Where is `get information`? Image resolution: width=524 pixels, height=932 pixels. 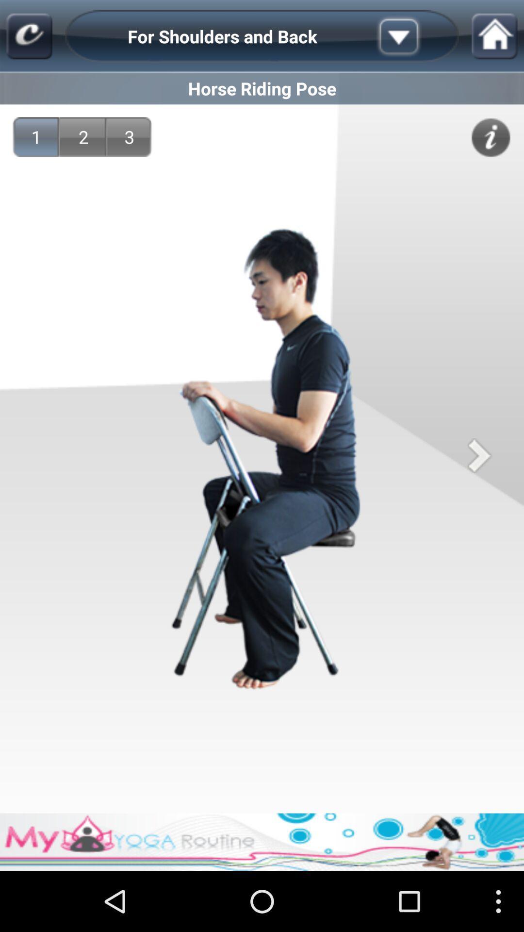 get information is located at coordinates (491, 137).